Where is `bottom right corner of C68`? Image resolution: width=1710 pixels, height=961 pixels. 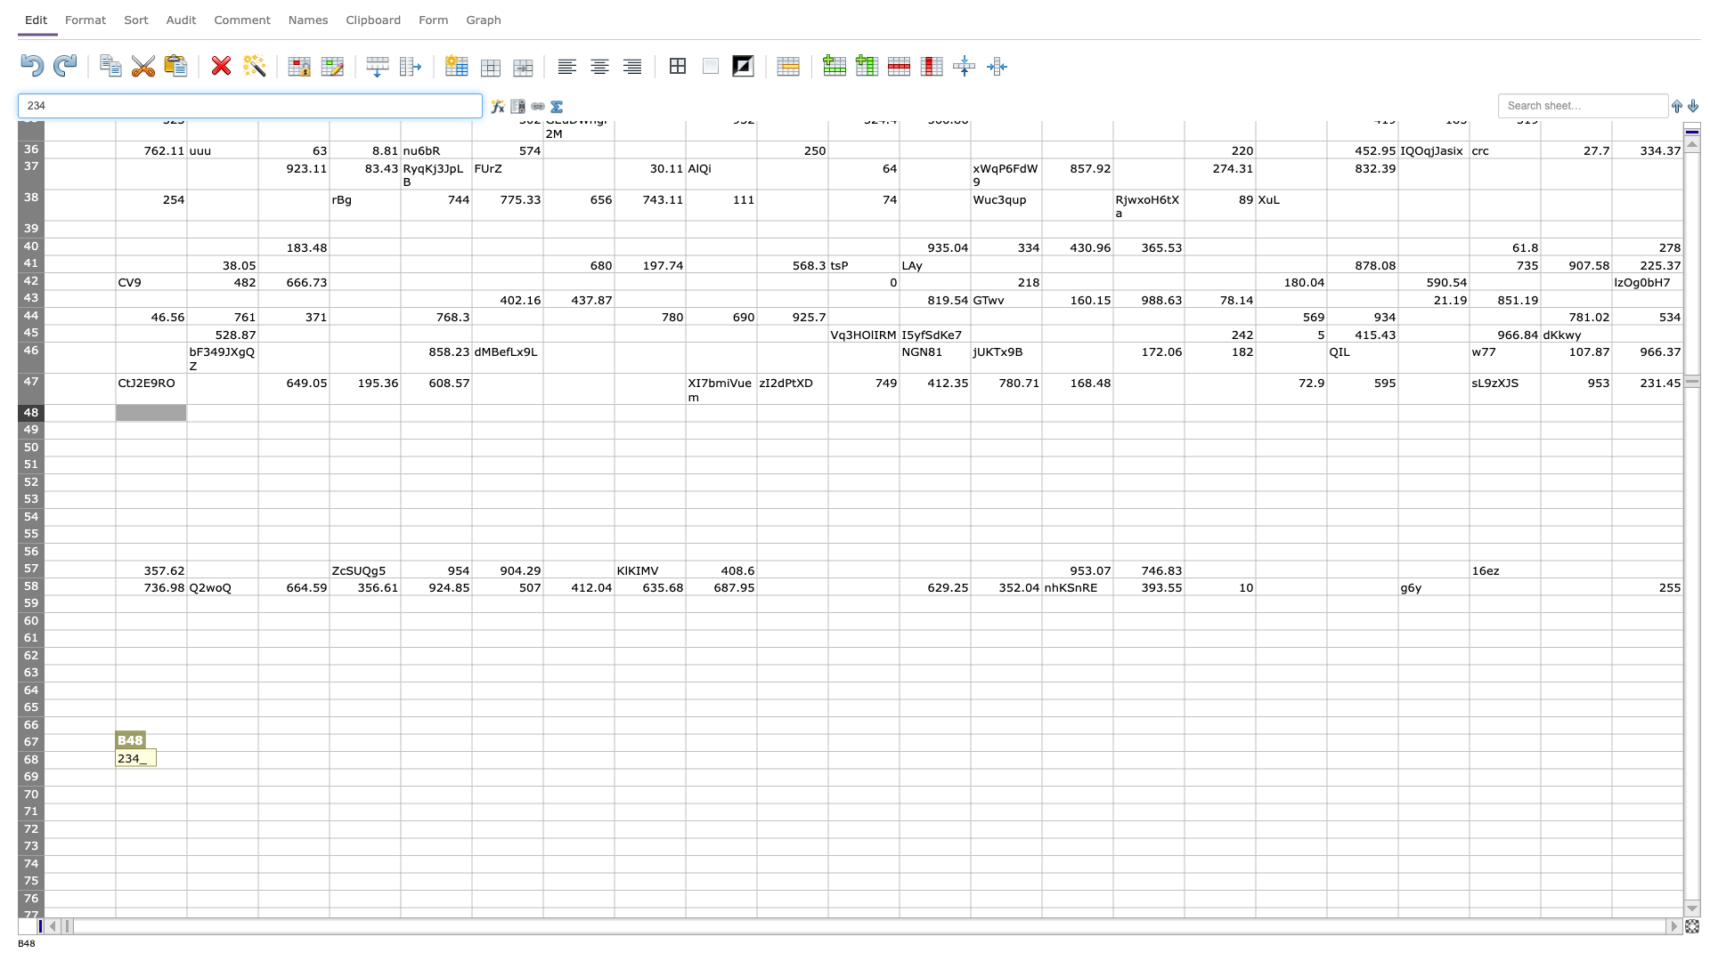
bottom right corner of C68 is located at coordinates (256, 768).